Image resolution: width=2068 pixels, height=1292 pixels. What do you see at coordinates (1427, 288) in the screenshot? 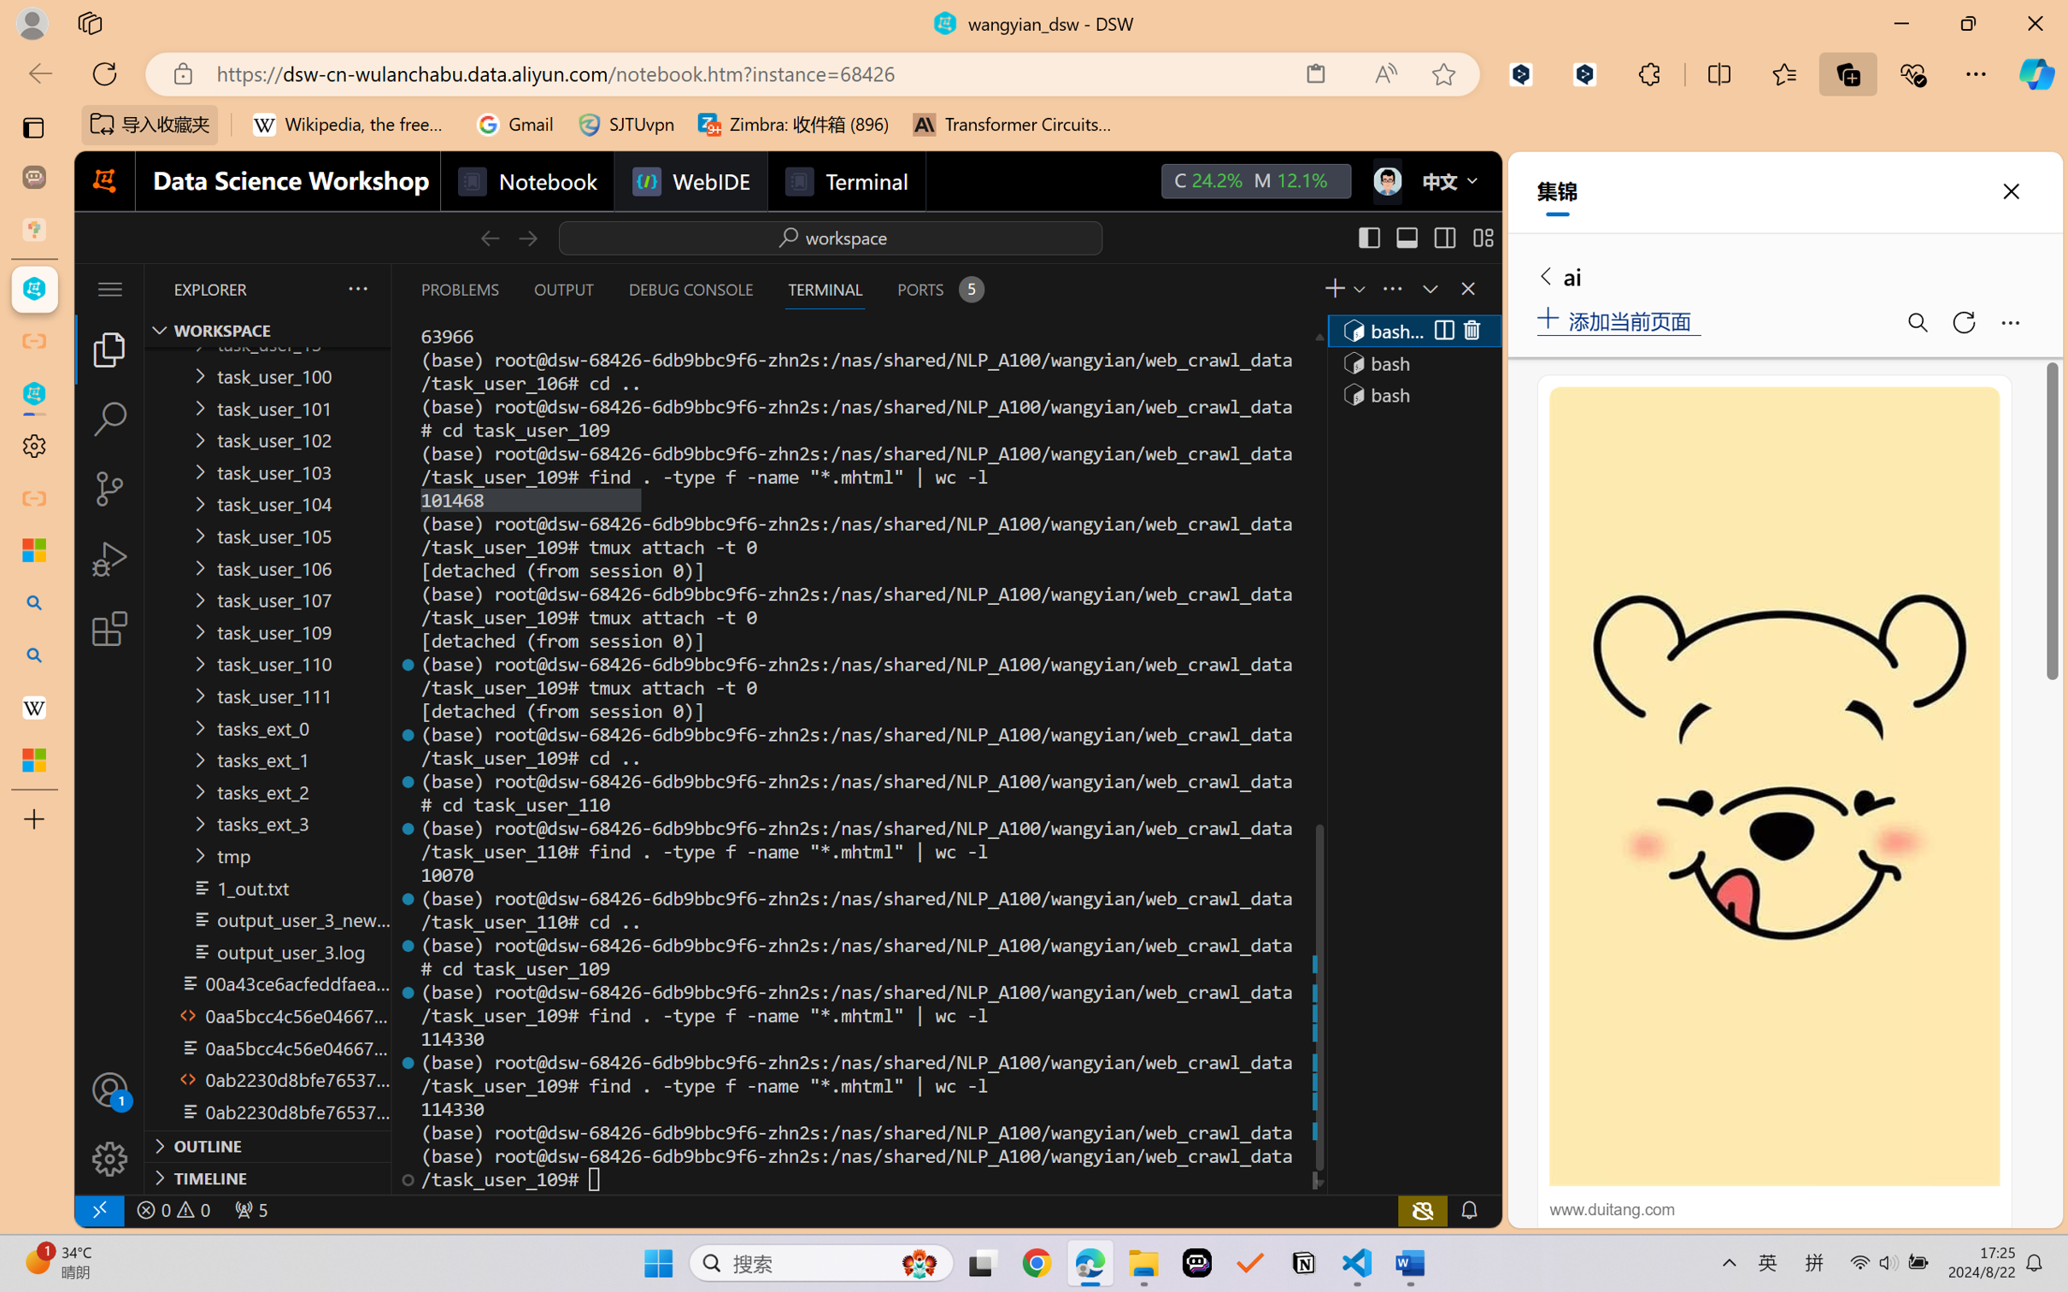
I see `'Restore Panel Size'` at bounding box center [1427, 288].